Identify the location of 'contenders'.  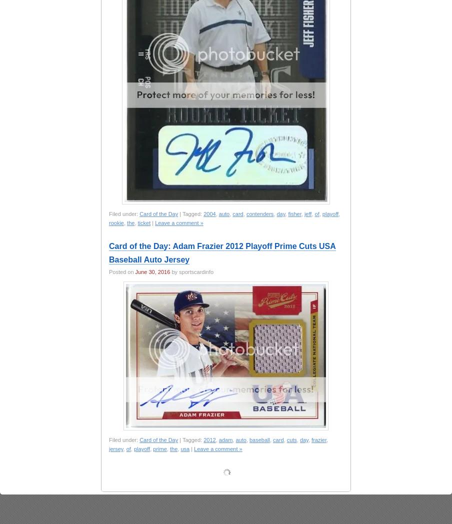
(259, 214).